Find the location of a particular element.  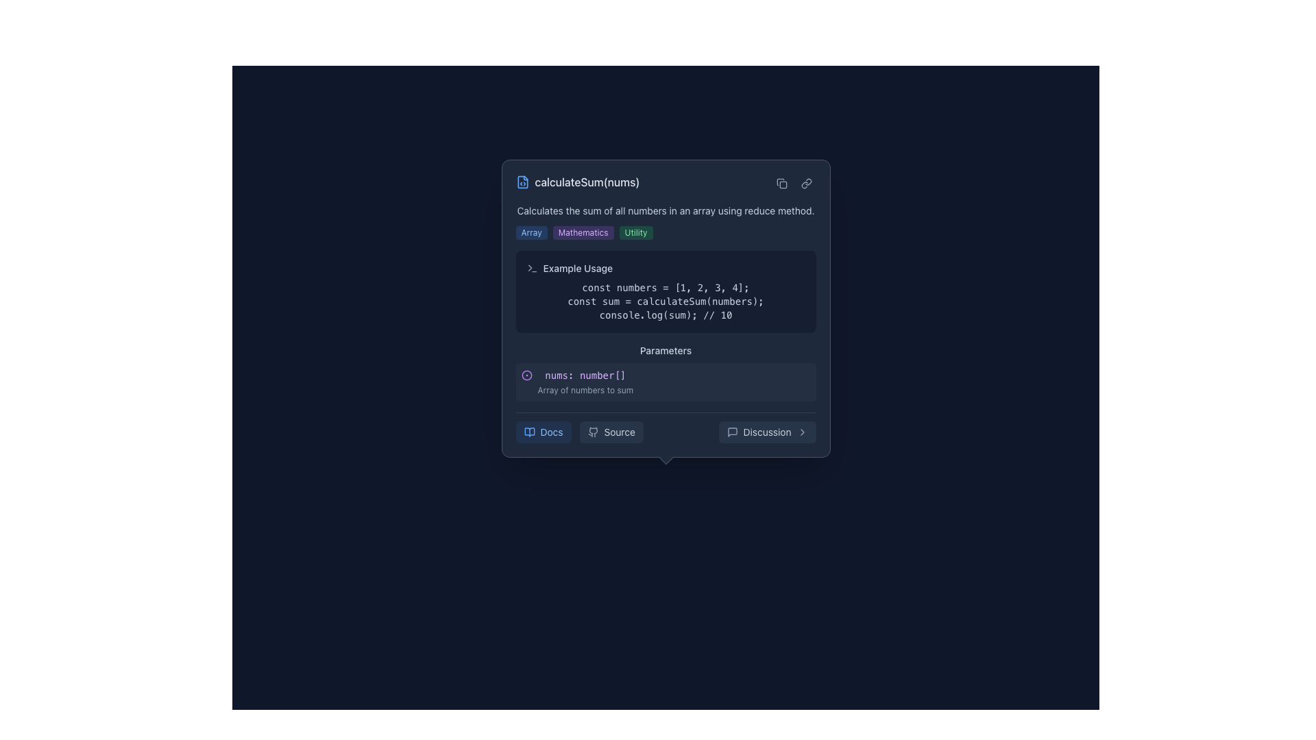

the circular button with a link symbol icon located at the top right corner of the card is located at coordinates (806, 182).